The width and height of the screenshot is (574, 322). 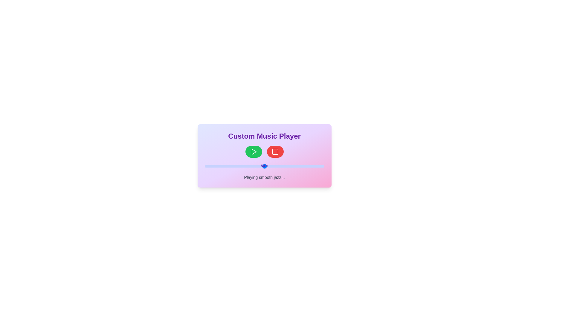 I want to click on the slider, so click(x=209, y=166).